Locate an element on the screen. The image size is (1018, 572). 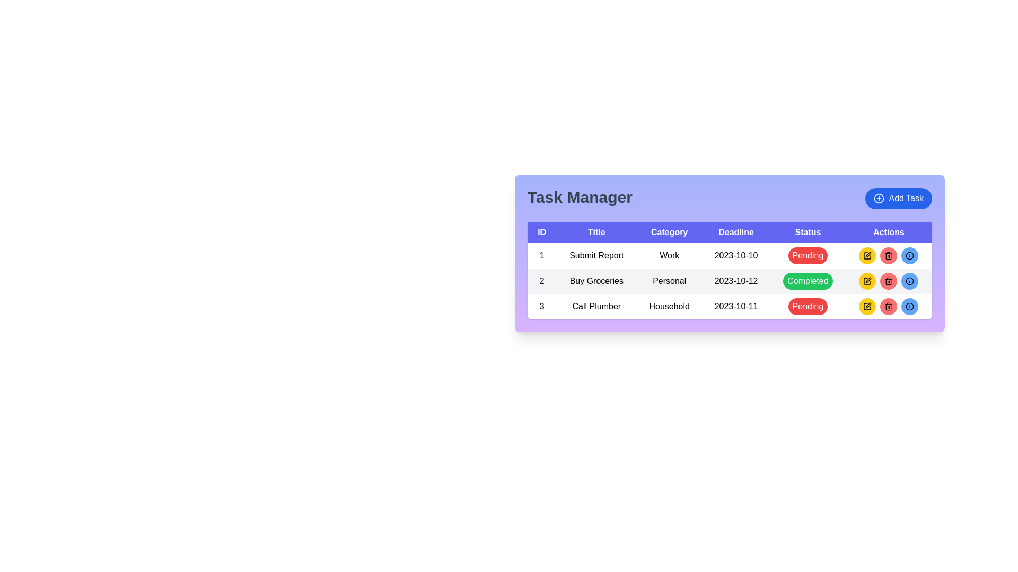
the green button labeled 'Completed' located in the 'Status' column of the second row in the 'Task Manager' table, which corresponds to the task titled 'Buy Groceries' is located at coordinates (807, 281).